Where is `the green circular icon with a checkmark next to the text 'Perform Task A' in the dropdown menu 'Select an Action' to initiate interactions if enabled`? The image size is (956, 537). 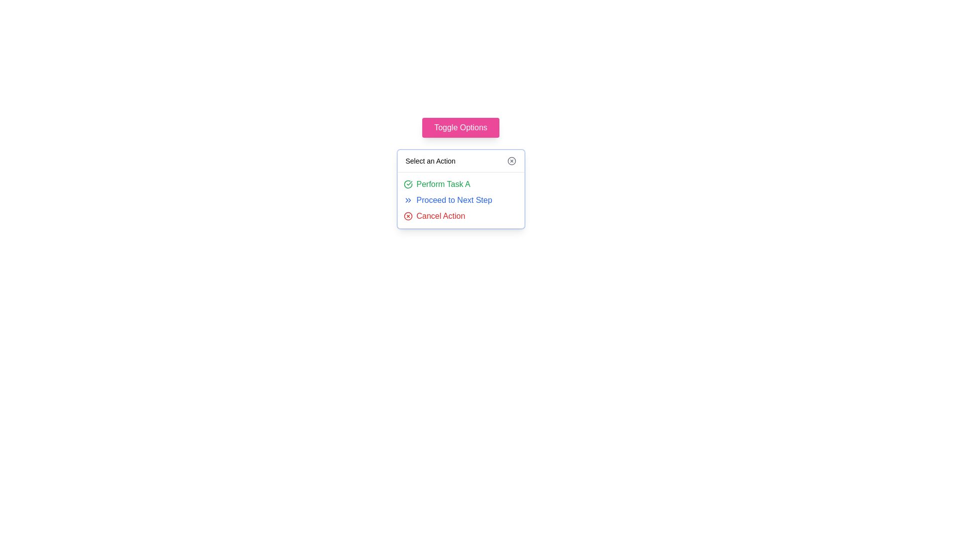
the green circular icon with a checkmark next to the text 'Perform Task A' in the dropdown menu 'Select an Action' to initiate interactions if enabled is located at coordinates (408, 184).